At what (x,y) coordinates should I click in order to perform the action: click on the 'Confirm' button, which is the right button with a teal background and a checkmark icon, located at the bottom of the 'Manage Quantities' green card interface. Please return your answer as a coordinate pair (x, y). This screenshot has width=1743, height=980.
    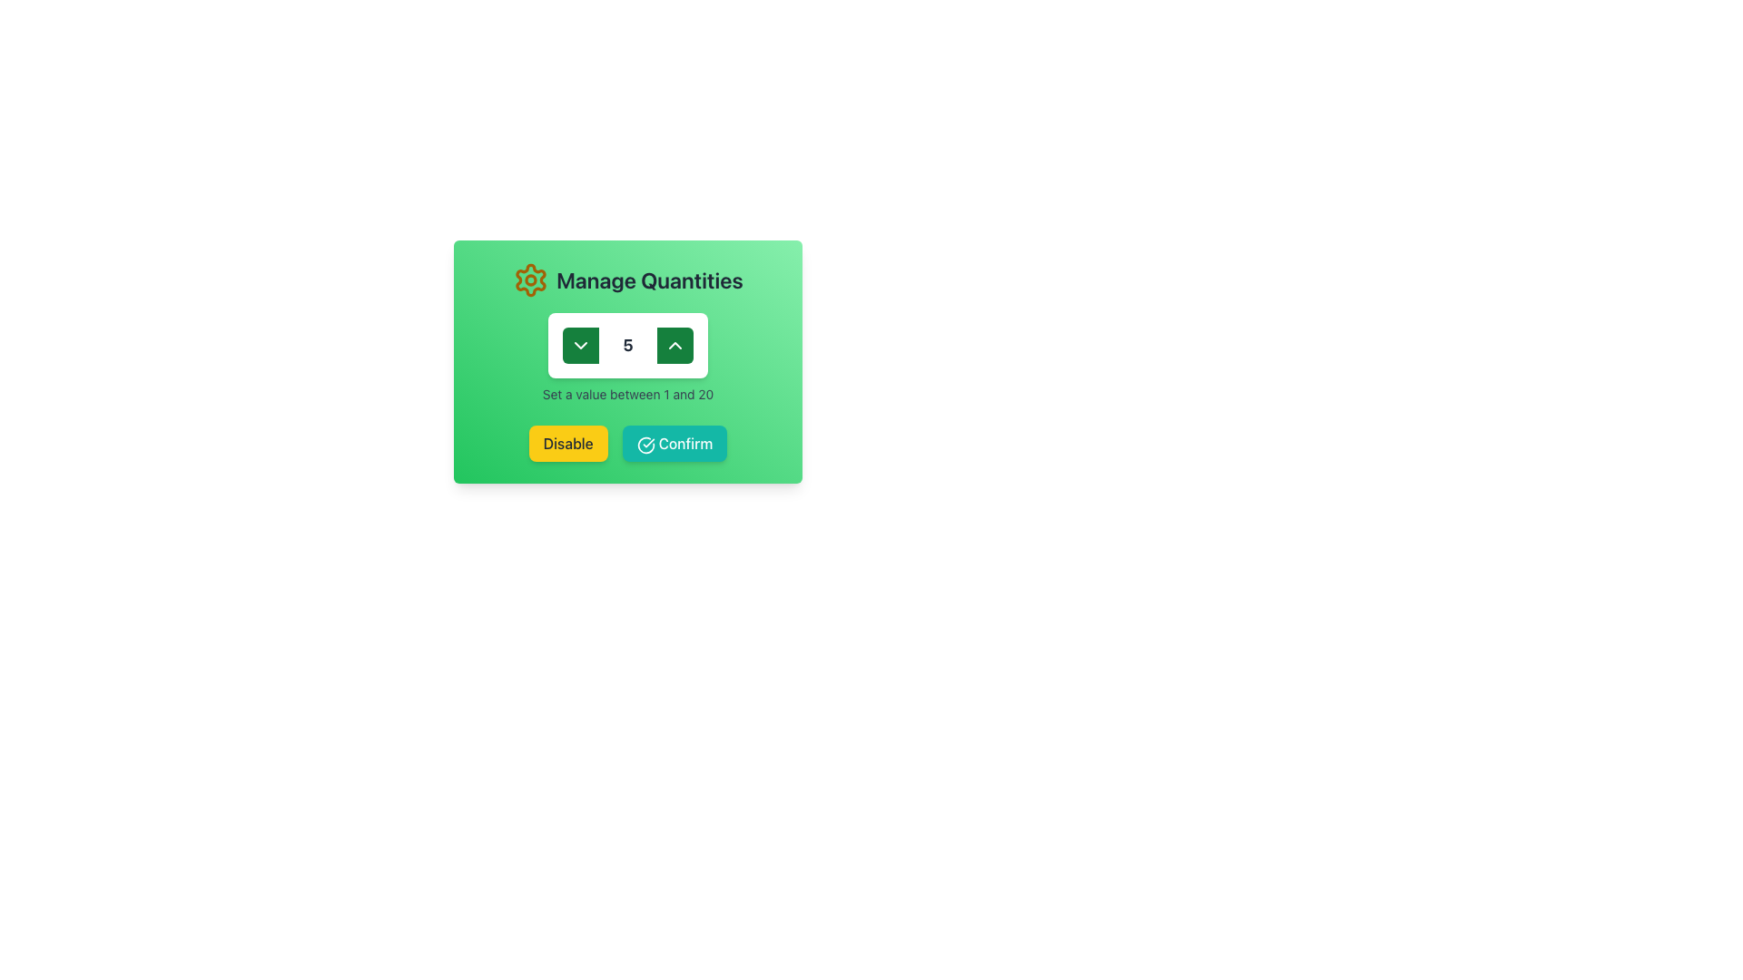
    Looking at the image, I should click on (627, 444).